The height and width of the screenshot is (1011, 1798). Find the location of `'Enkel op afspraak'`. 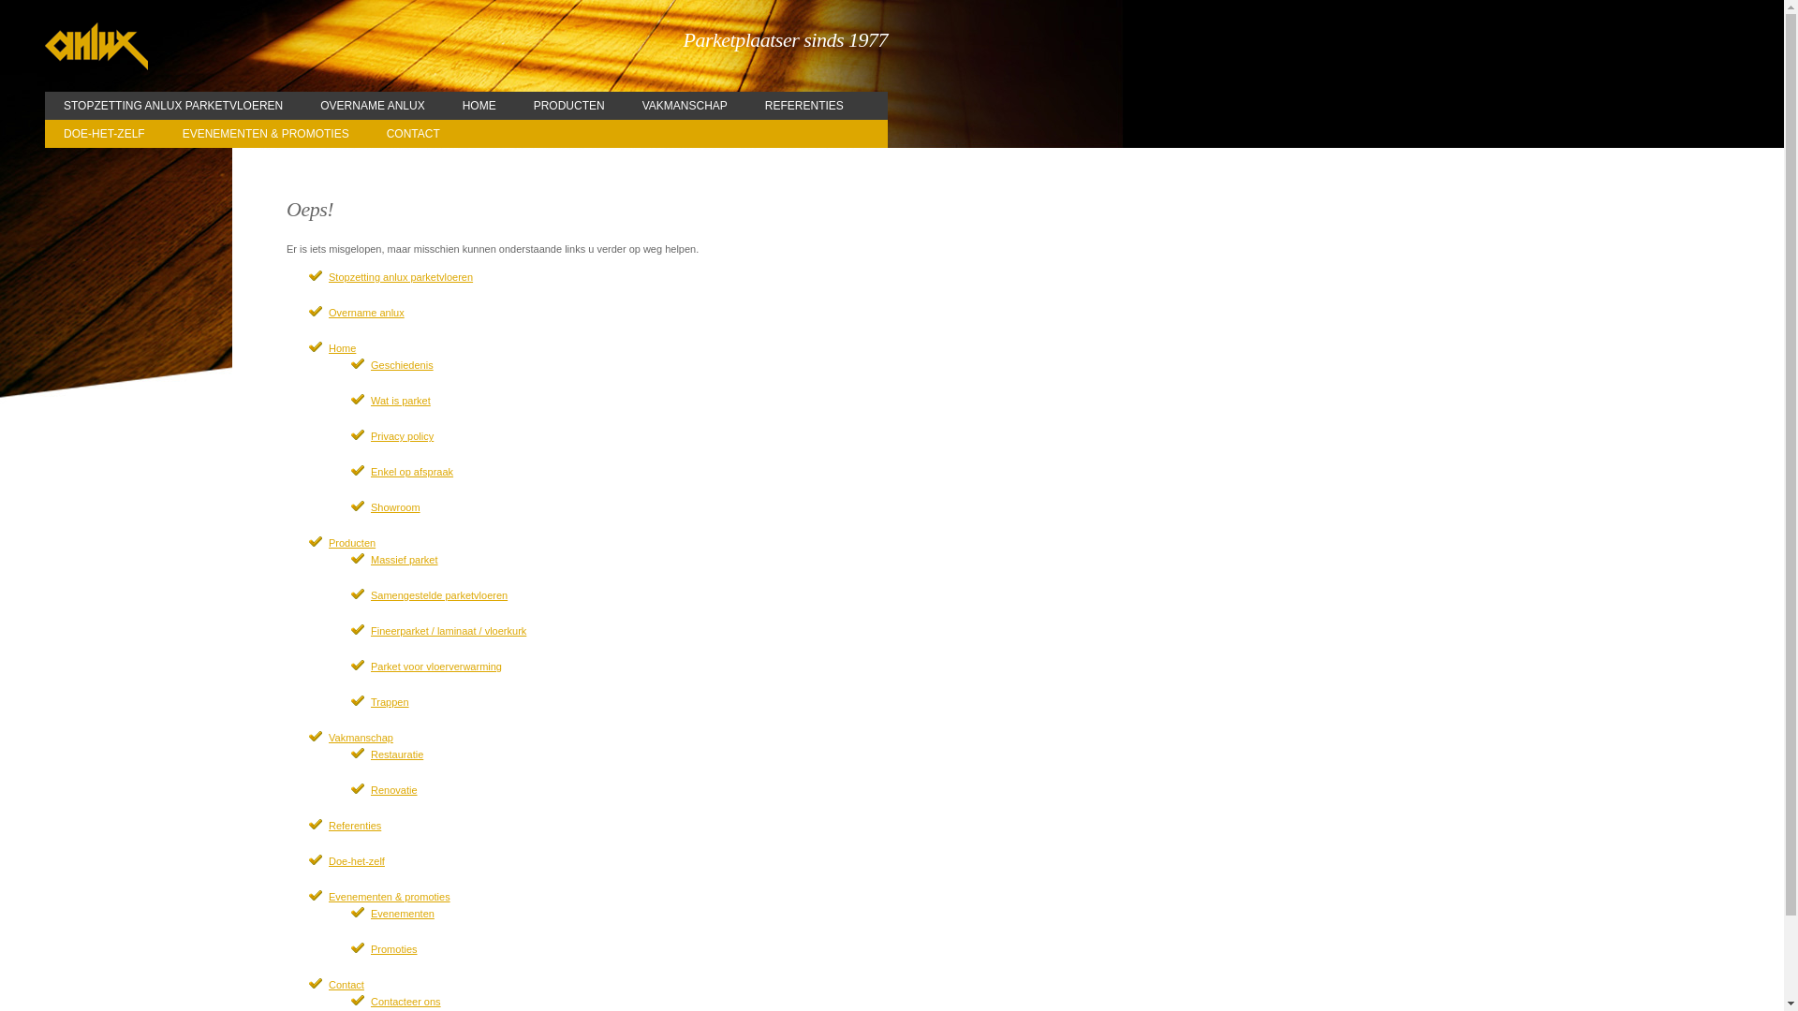

'Enkel op afspraak' is located at coordinates (411, 471).